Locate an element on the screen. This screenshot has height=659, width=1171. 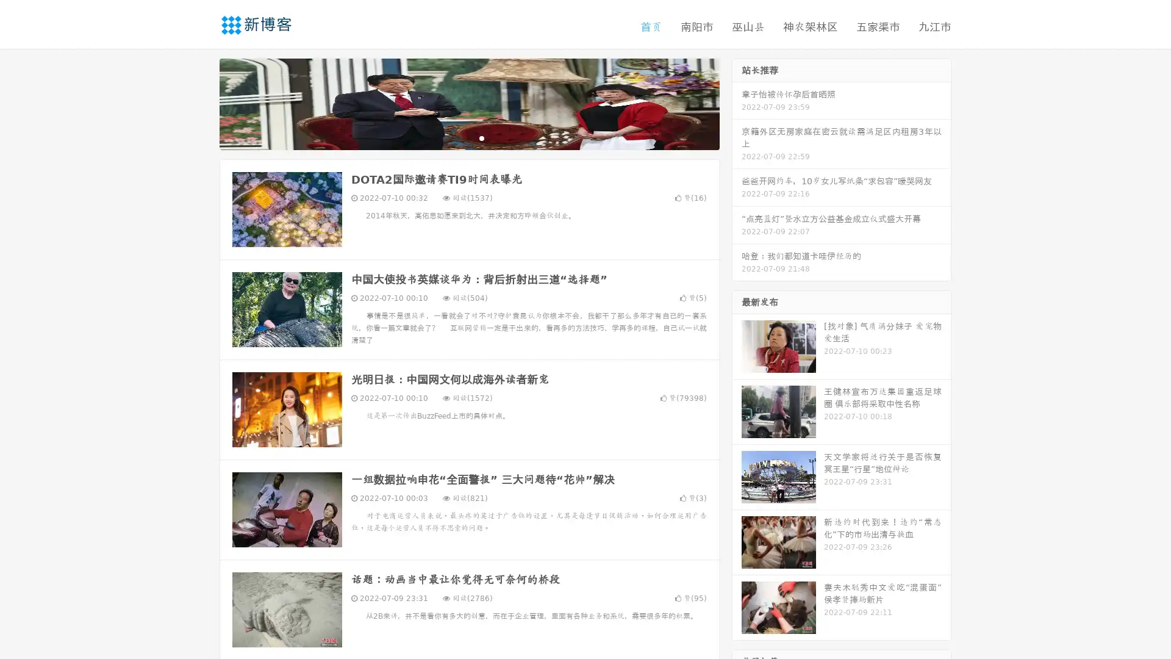
Previous slide is located at coordinates (201, 103).